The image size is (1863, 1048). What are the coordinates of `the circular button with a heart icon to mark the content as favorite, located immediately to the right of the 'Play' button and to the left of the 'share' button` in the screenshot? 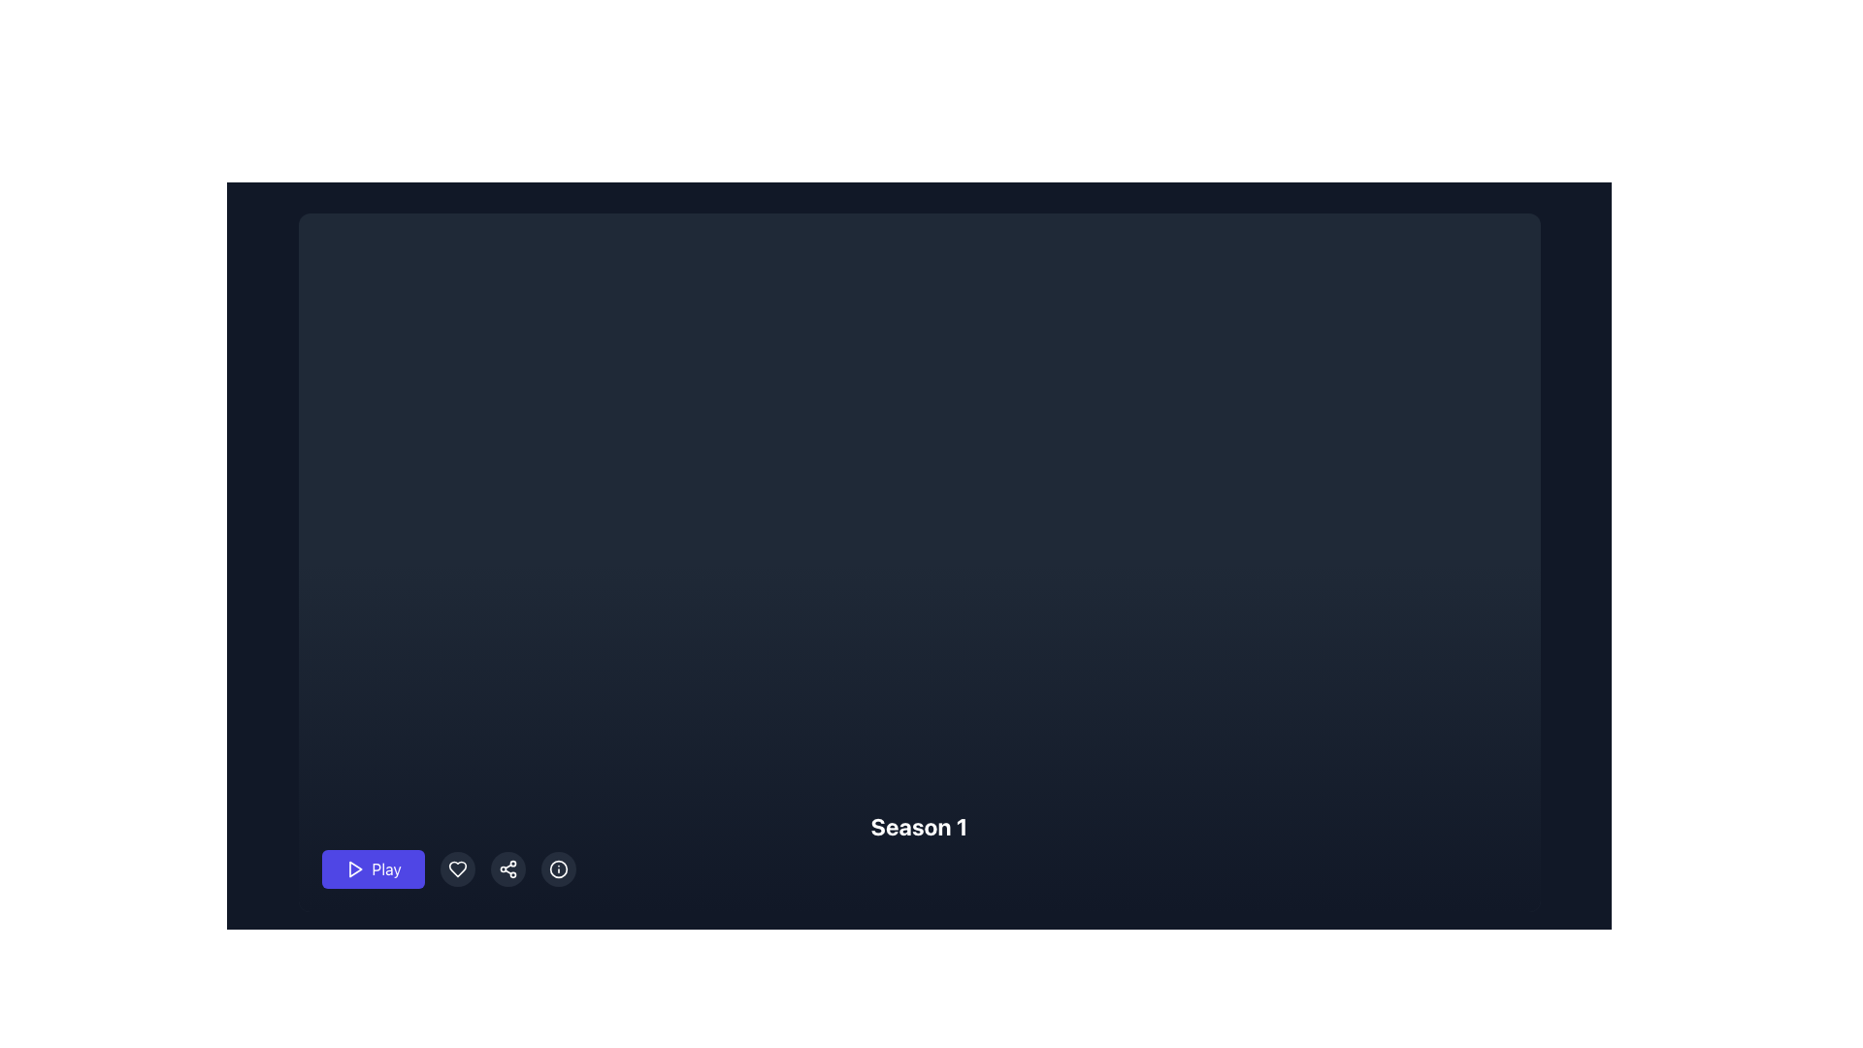 It's located at (456, 868).